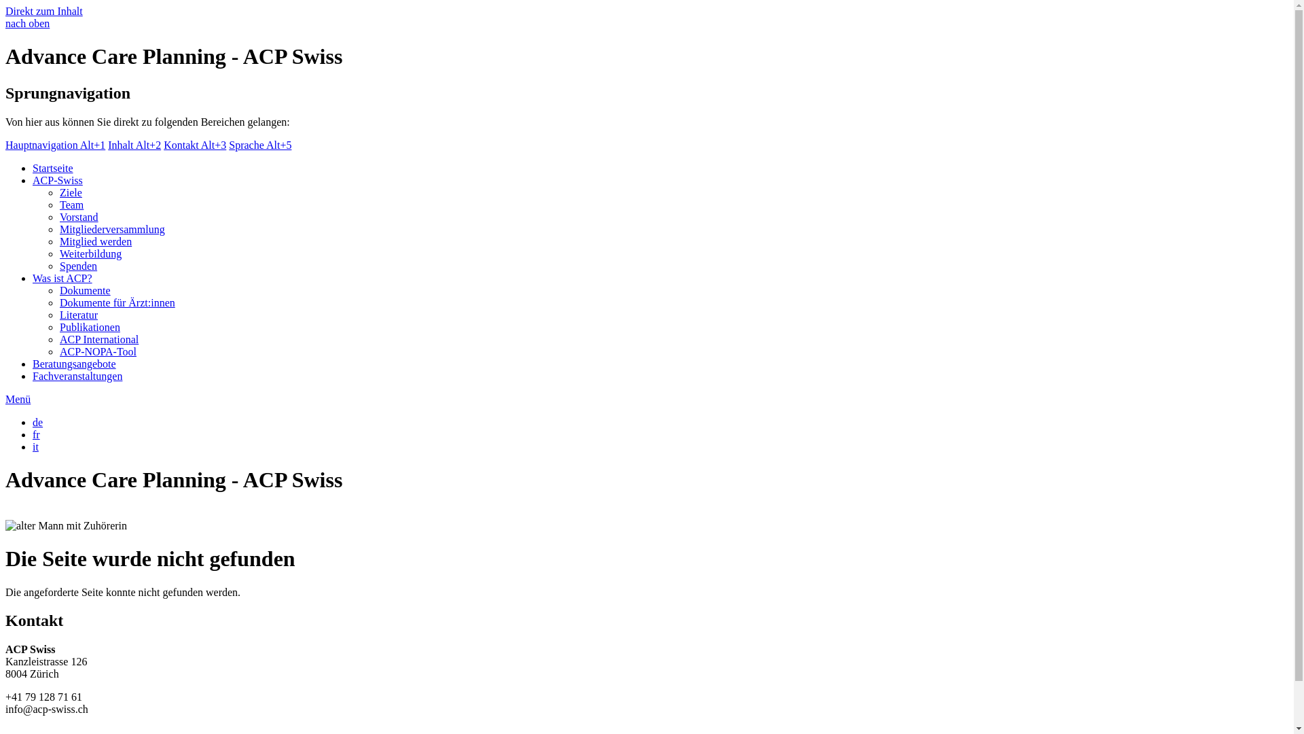  What do you see at coordinates (33, 167) in the screenshot?
I see `'Startseite'` at bounding box center [33, 167].